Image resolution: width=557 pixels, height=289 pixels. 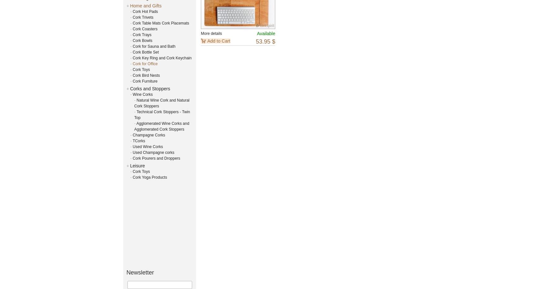 I want to click on 'Agglomerated Wine Corks and Agglomerated Cork Stoppers', so click(x=162, y=126).